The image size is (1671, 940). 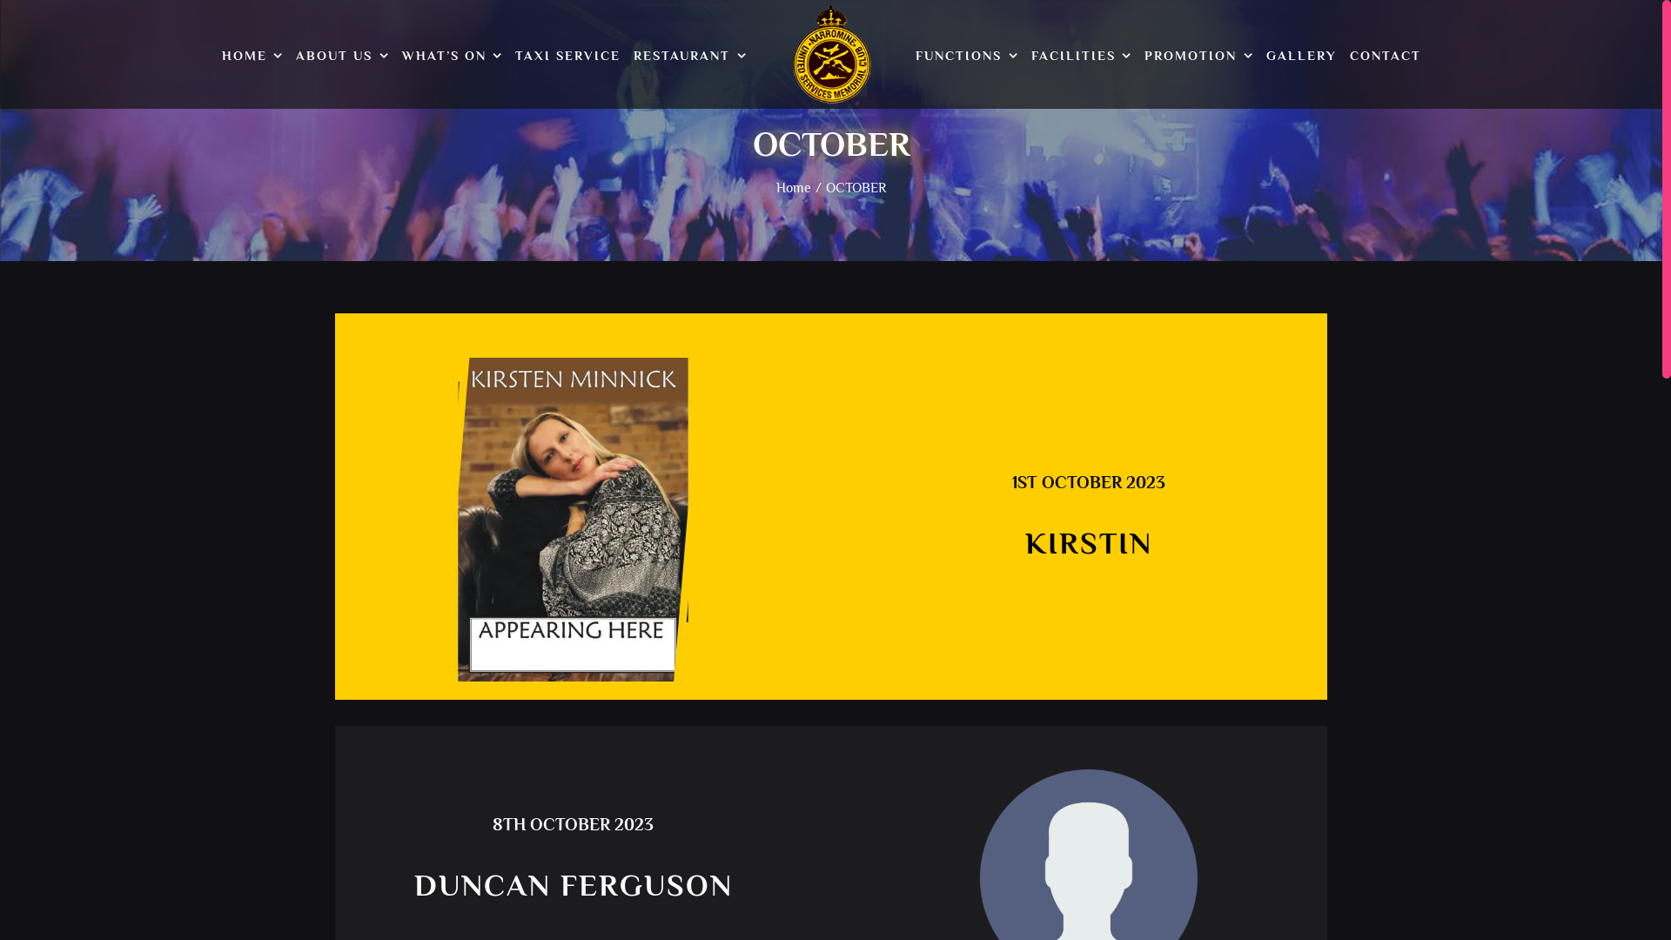 I want to click on 'FUNCTIONS', so click(x=965, y=56).